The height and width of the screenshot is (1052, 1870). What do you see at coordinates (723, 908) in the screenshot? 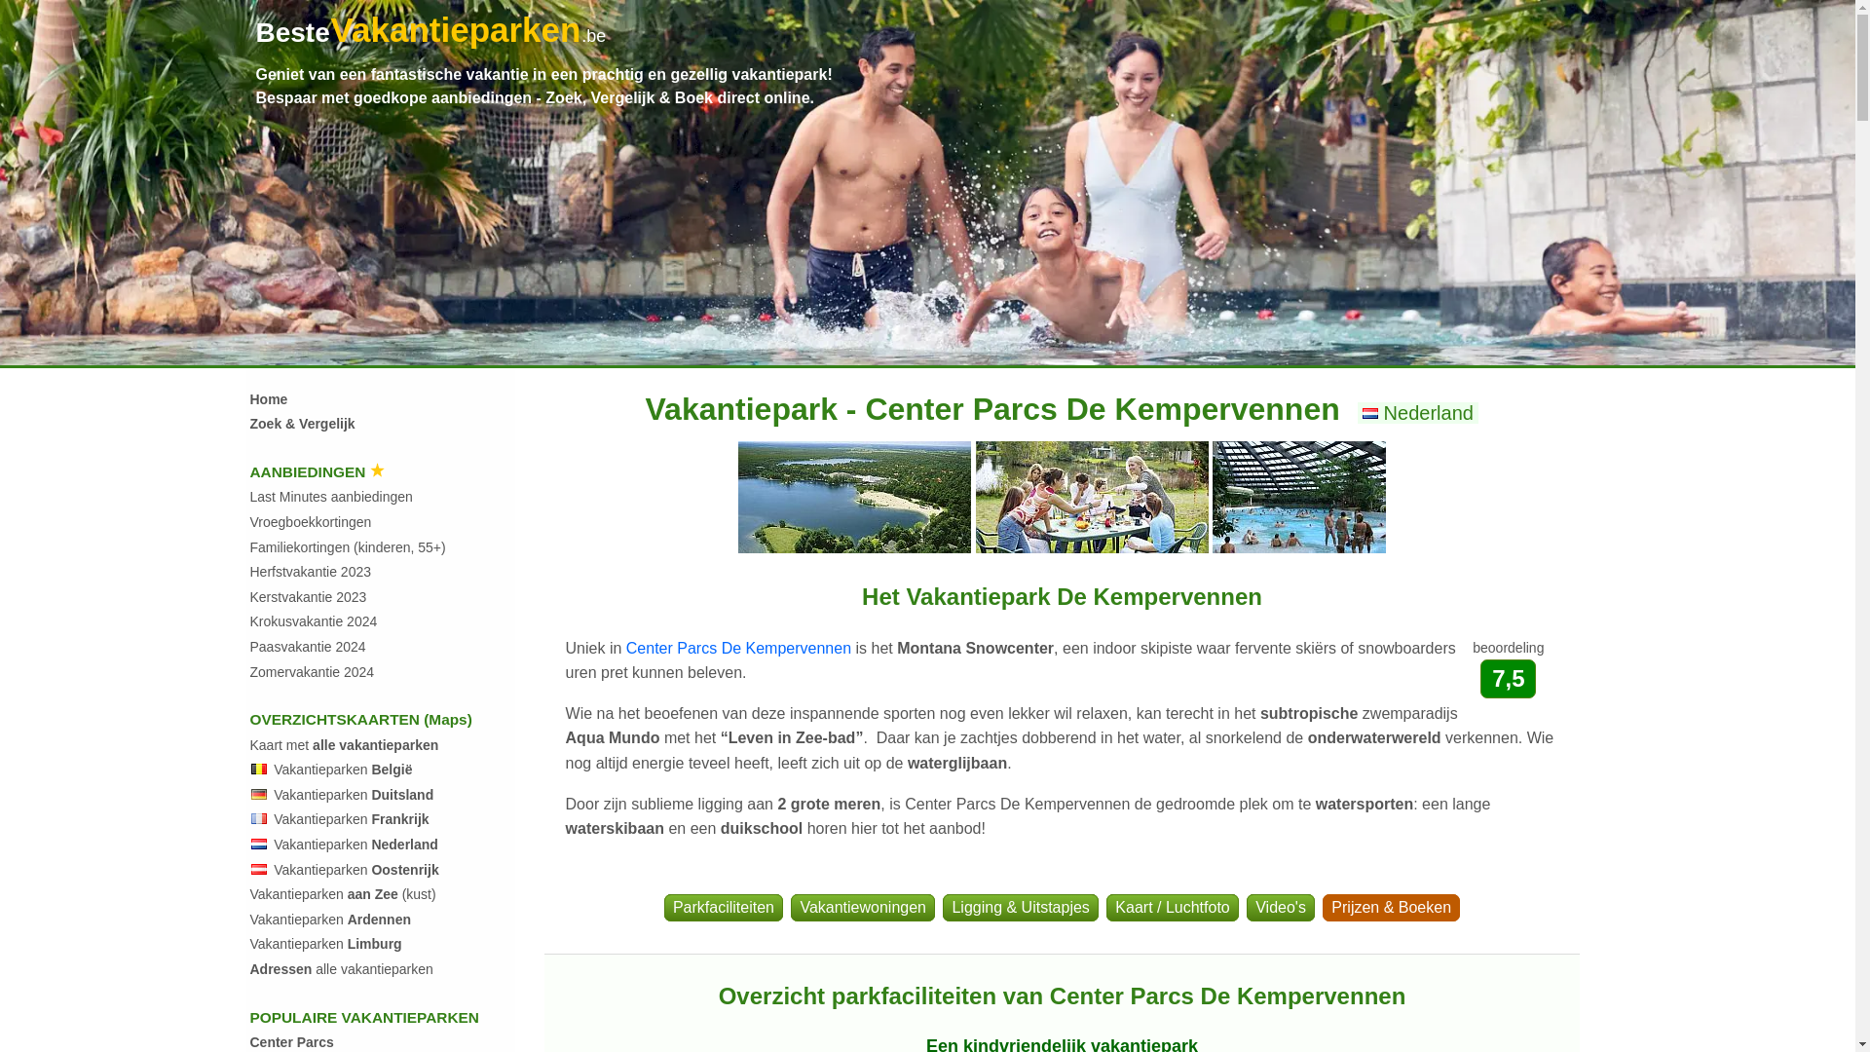
I see `'Parkfaciliteiten'` at bounding box center [723, 908].